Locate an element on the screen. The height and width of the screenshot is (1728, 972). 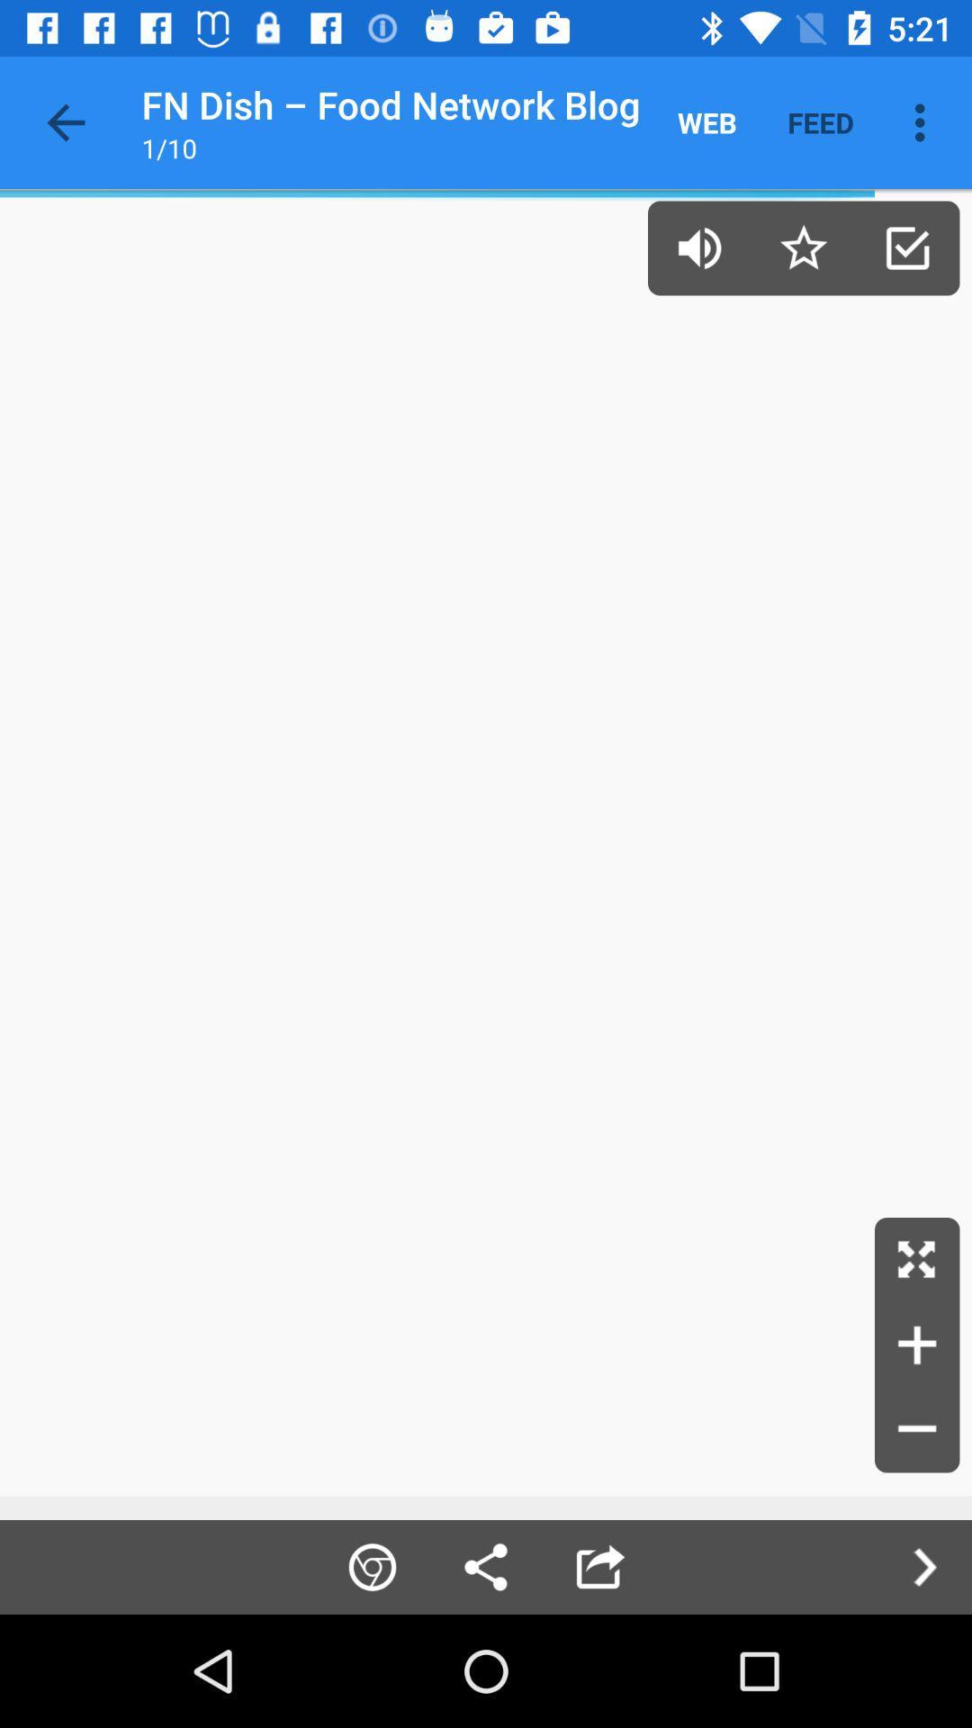
the share icon is located at coordinates (486, 1566).